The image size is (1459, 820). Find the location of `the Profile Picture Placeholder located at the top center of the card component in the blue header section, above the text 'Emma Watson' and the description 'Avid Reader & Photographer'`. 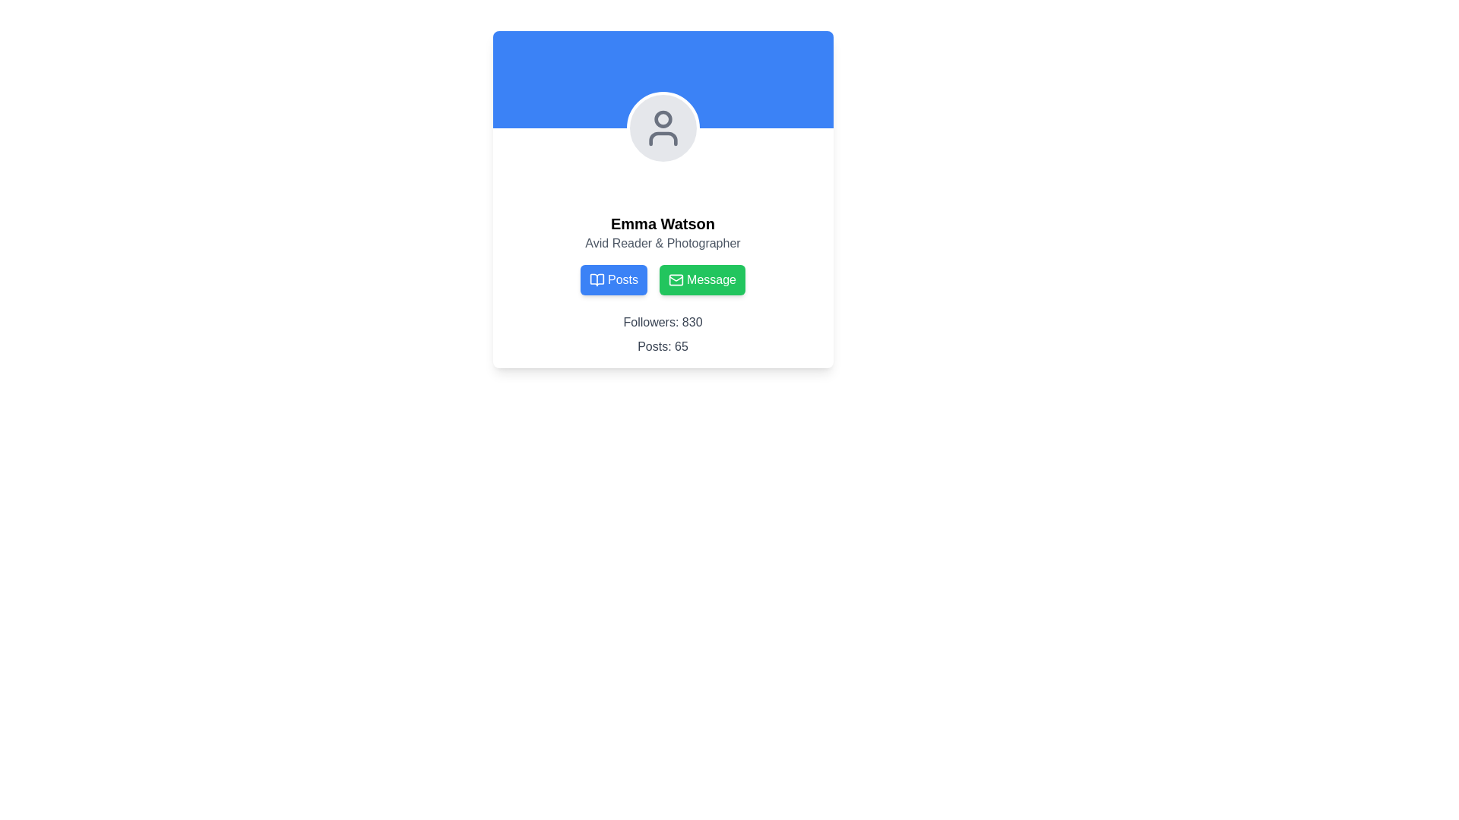

the Profile Picture Placeholder located at the top center of the card component in the blue header section, above the text 'Emma Watson' and the description 'Avid Reader & Photographer' is located at coordinates (663, 128).